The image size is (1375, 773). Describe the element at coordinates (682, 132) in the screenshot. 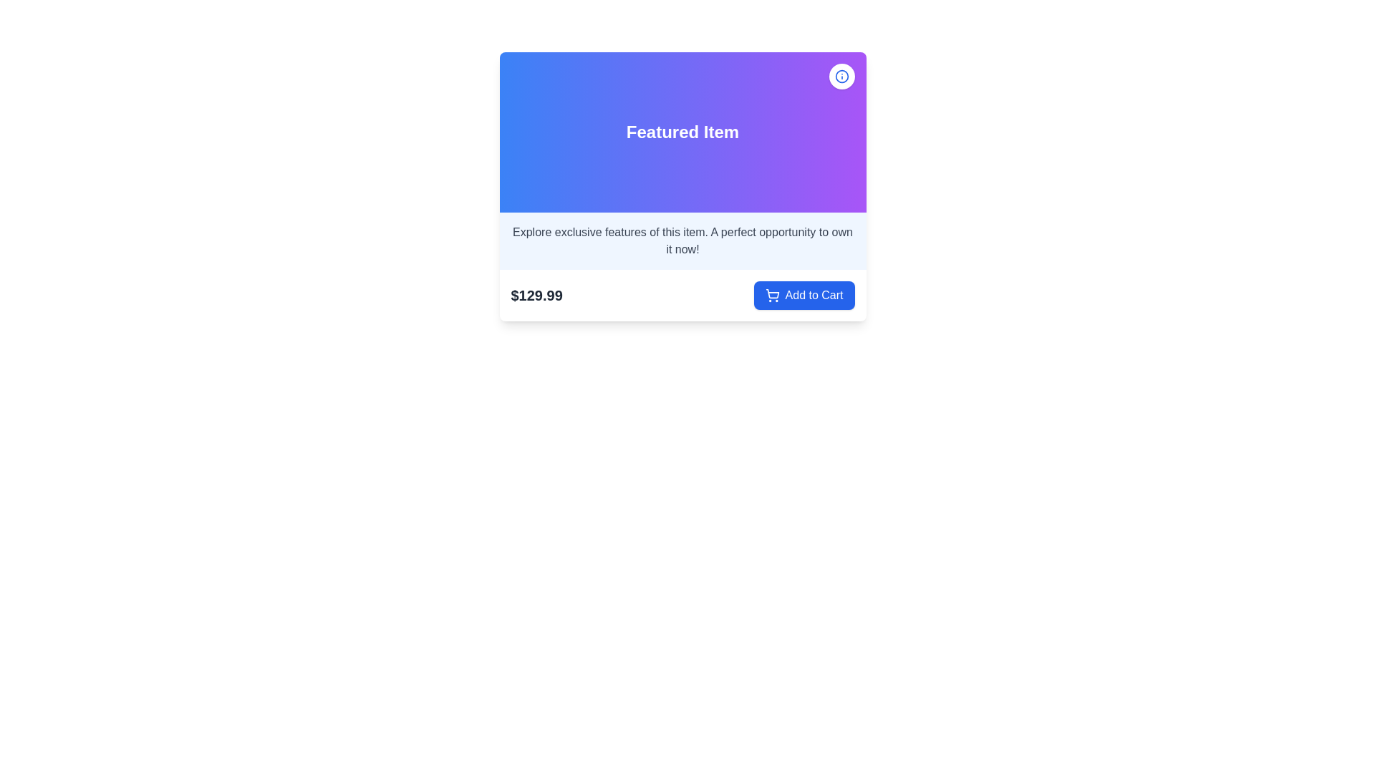

I see `the prominent title text block at the top center of the card, which indicates the featured item being displayed` at that location.